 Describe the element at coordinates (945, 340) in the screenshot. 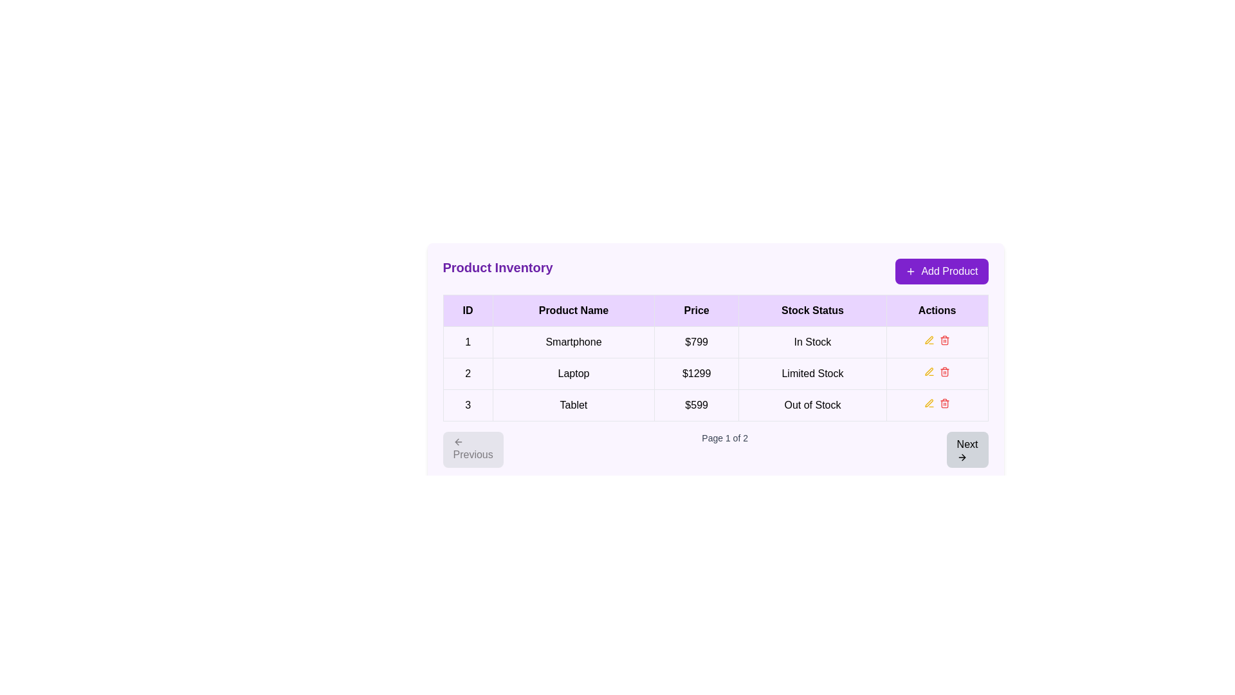

I see `the trash bin icon button in the 'Actions' column` at that location.